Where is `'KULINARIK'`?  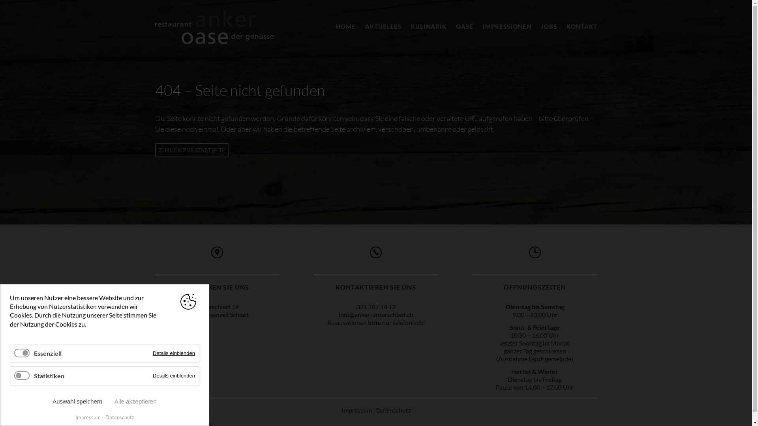 'KULINARIK' is located at coordinates (411, 26).